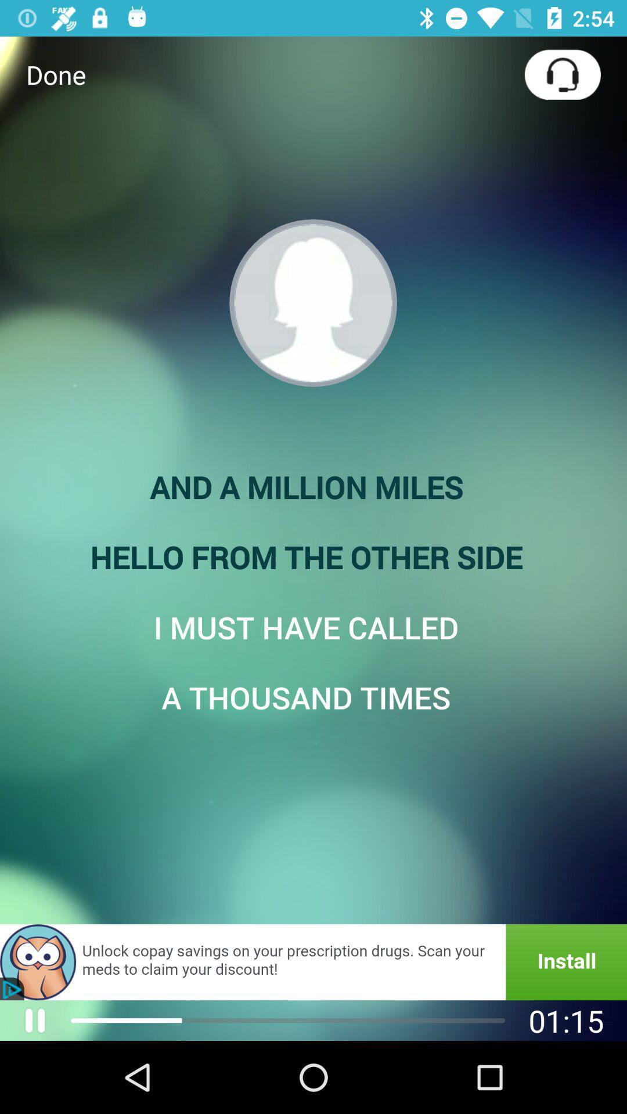  I want to click on the icon to the right of the done app, so click(562, 74).